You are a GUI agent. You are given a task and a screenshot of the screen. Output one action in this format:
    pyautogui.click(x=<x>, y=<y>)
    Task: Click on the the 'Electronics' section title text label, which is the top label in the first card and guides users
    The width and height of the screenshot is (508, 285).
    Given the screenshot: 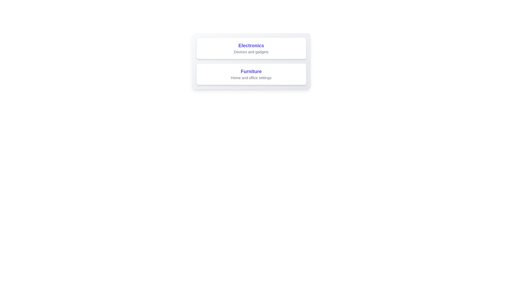 What is the action you would take?
    pyautogui.click(x=251, y=45)
    